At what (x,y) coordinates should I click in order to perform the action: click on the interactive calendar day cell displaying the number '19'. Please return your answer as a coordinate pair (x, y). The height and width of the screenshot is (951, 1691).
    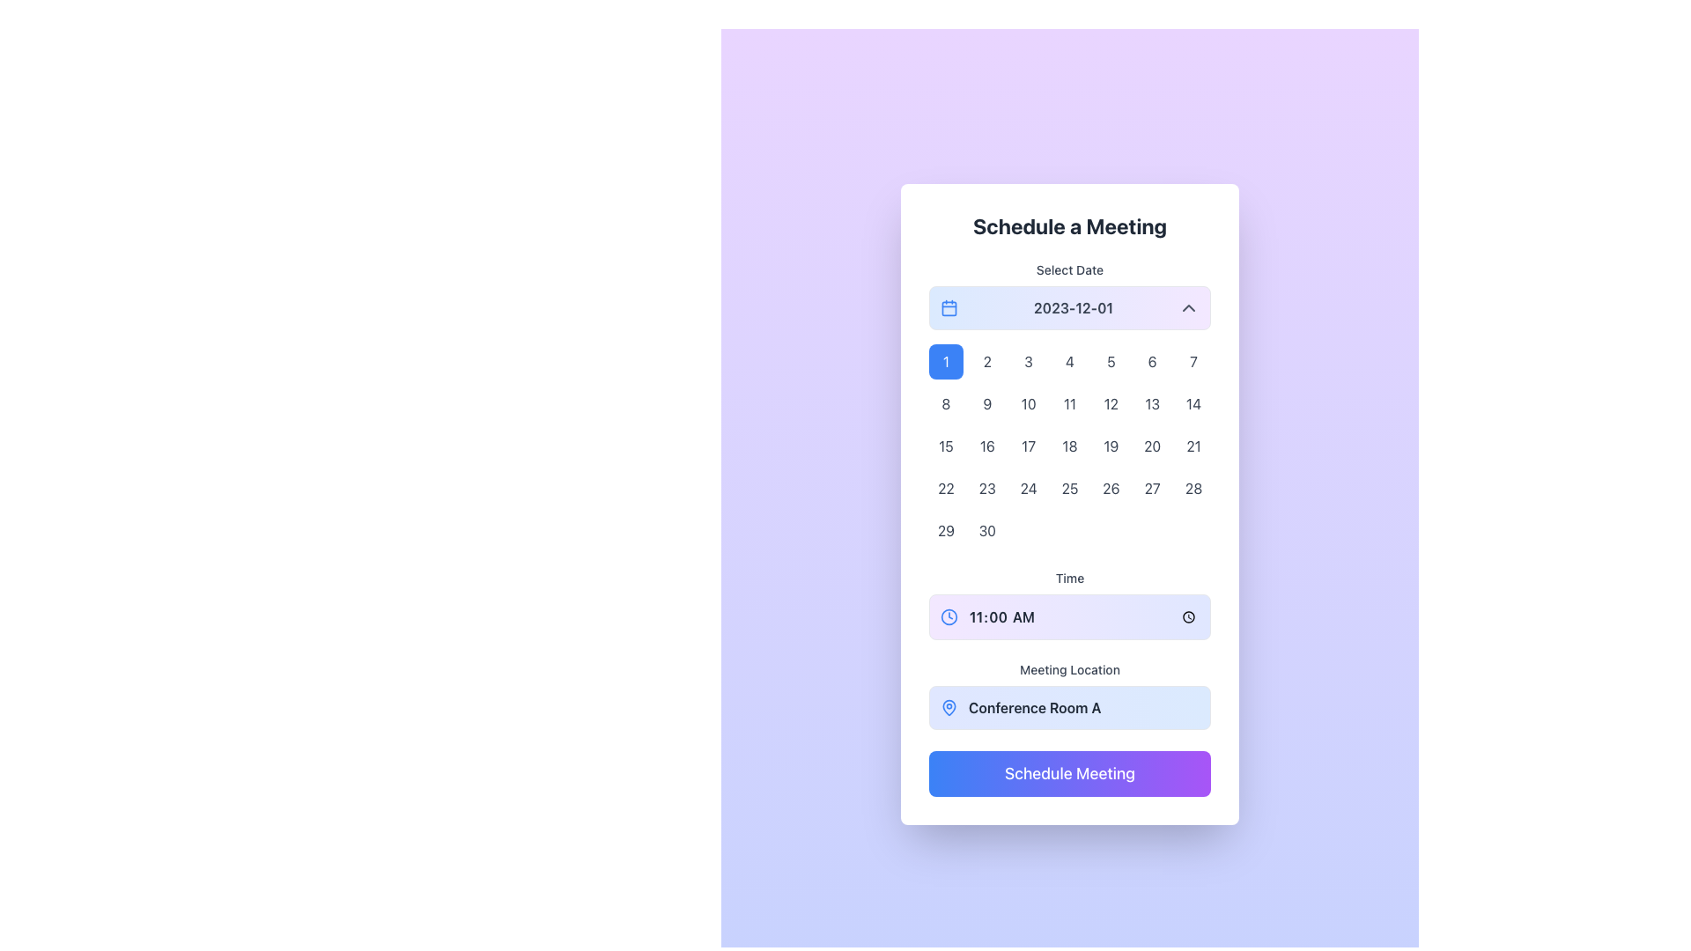
    Looking at the image, I should click on (1110, 445).